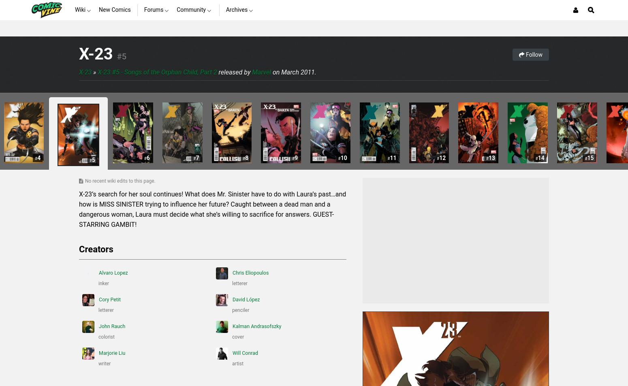 The height and width of the screenshot is (386, 628). Describe the element at coordinates (98, 364) in the screenshot. I see `'writer'` at that location.